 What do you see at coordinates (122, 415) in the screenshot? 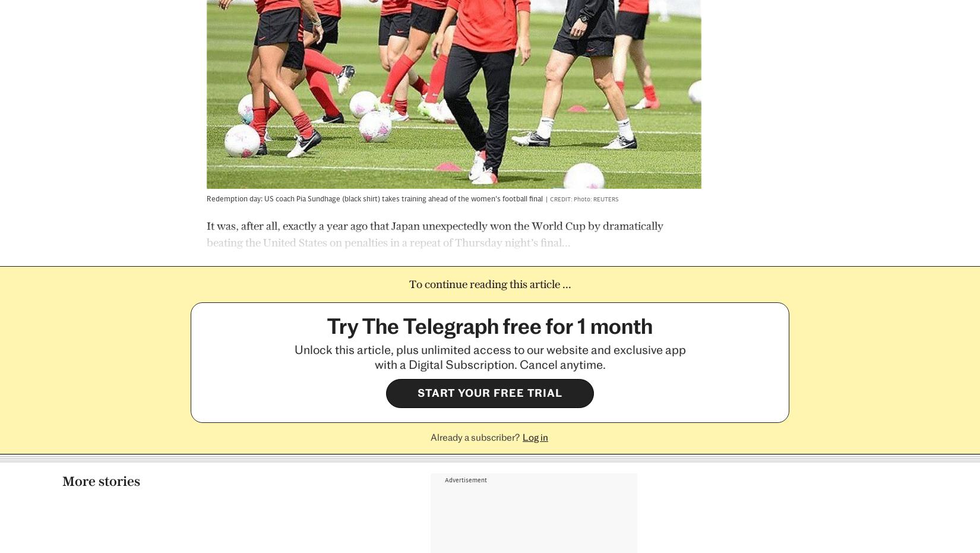
I see `'Leigh Halfpenny and Alun Wyn Jones say farewell to Wales in Barbarians match'` at bounding box center [122, 415].